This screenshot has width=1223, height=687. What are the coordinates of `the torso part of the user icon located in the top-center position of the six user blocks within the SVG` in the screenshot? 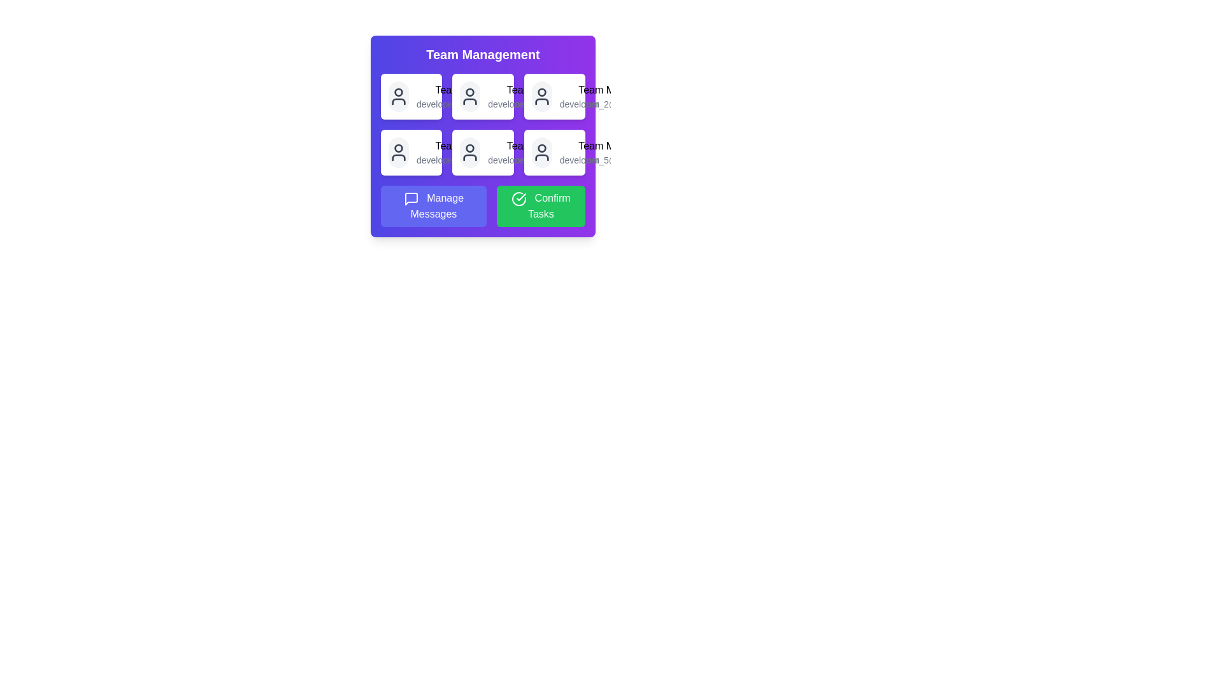 It's located at (469, 101).